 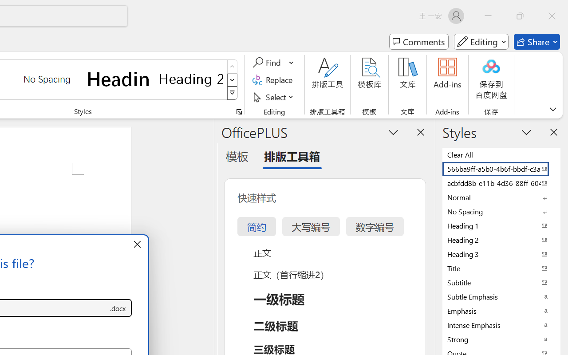 I want to click on 'Mode', so click(x=481, y=42).